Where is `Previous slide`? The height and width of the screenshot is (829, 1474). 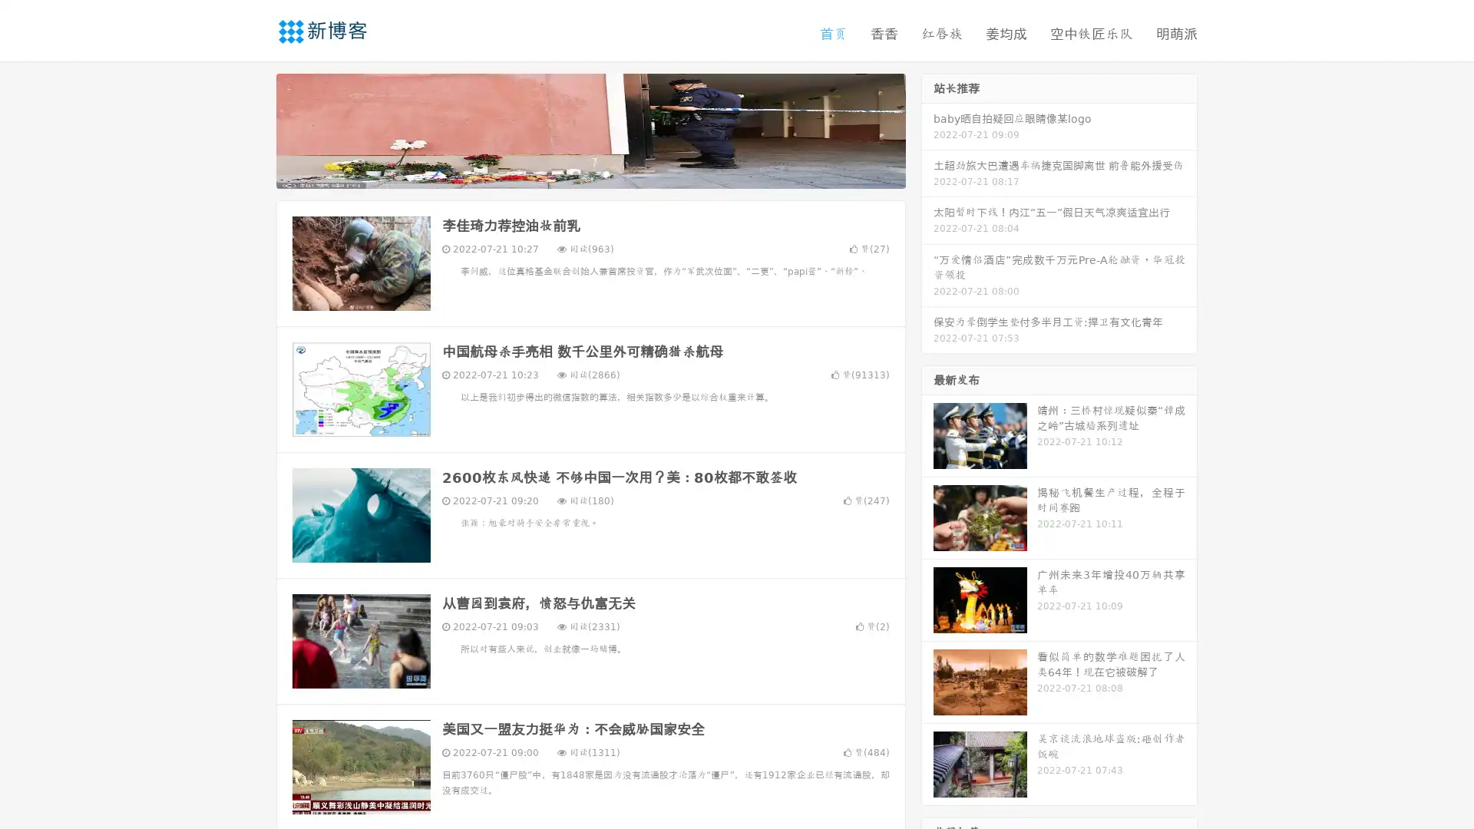 Previous slide is located at coordinates (253, 129).